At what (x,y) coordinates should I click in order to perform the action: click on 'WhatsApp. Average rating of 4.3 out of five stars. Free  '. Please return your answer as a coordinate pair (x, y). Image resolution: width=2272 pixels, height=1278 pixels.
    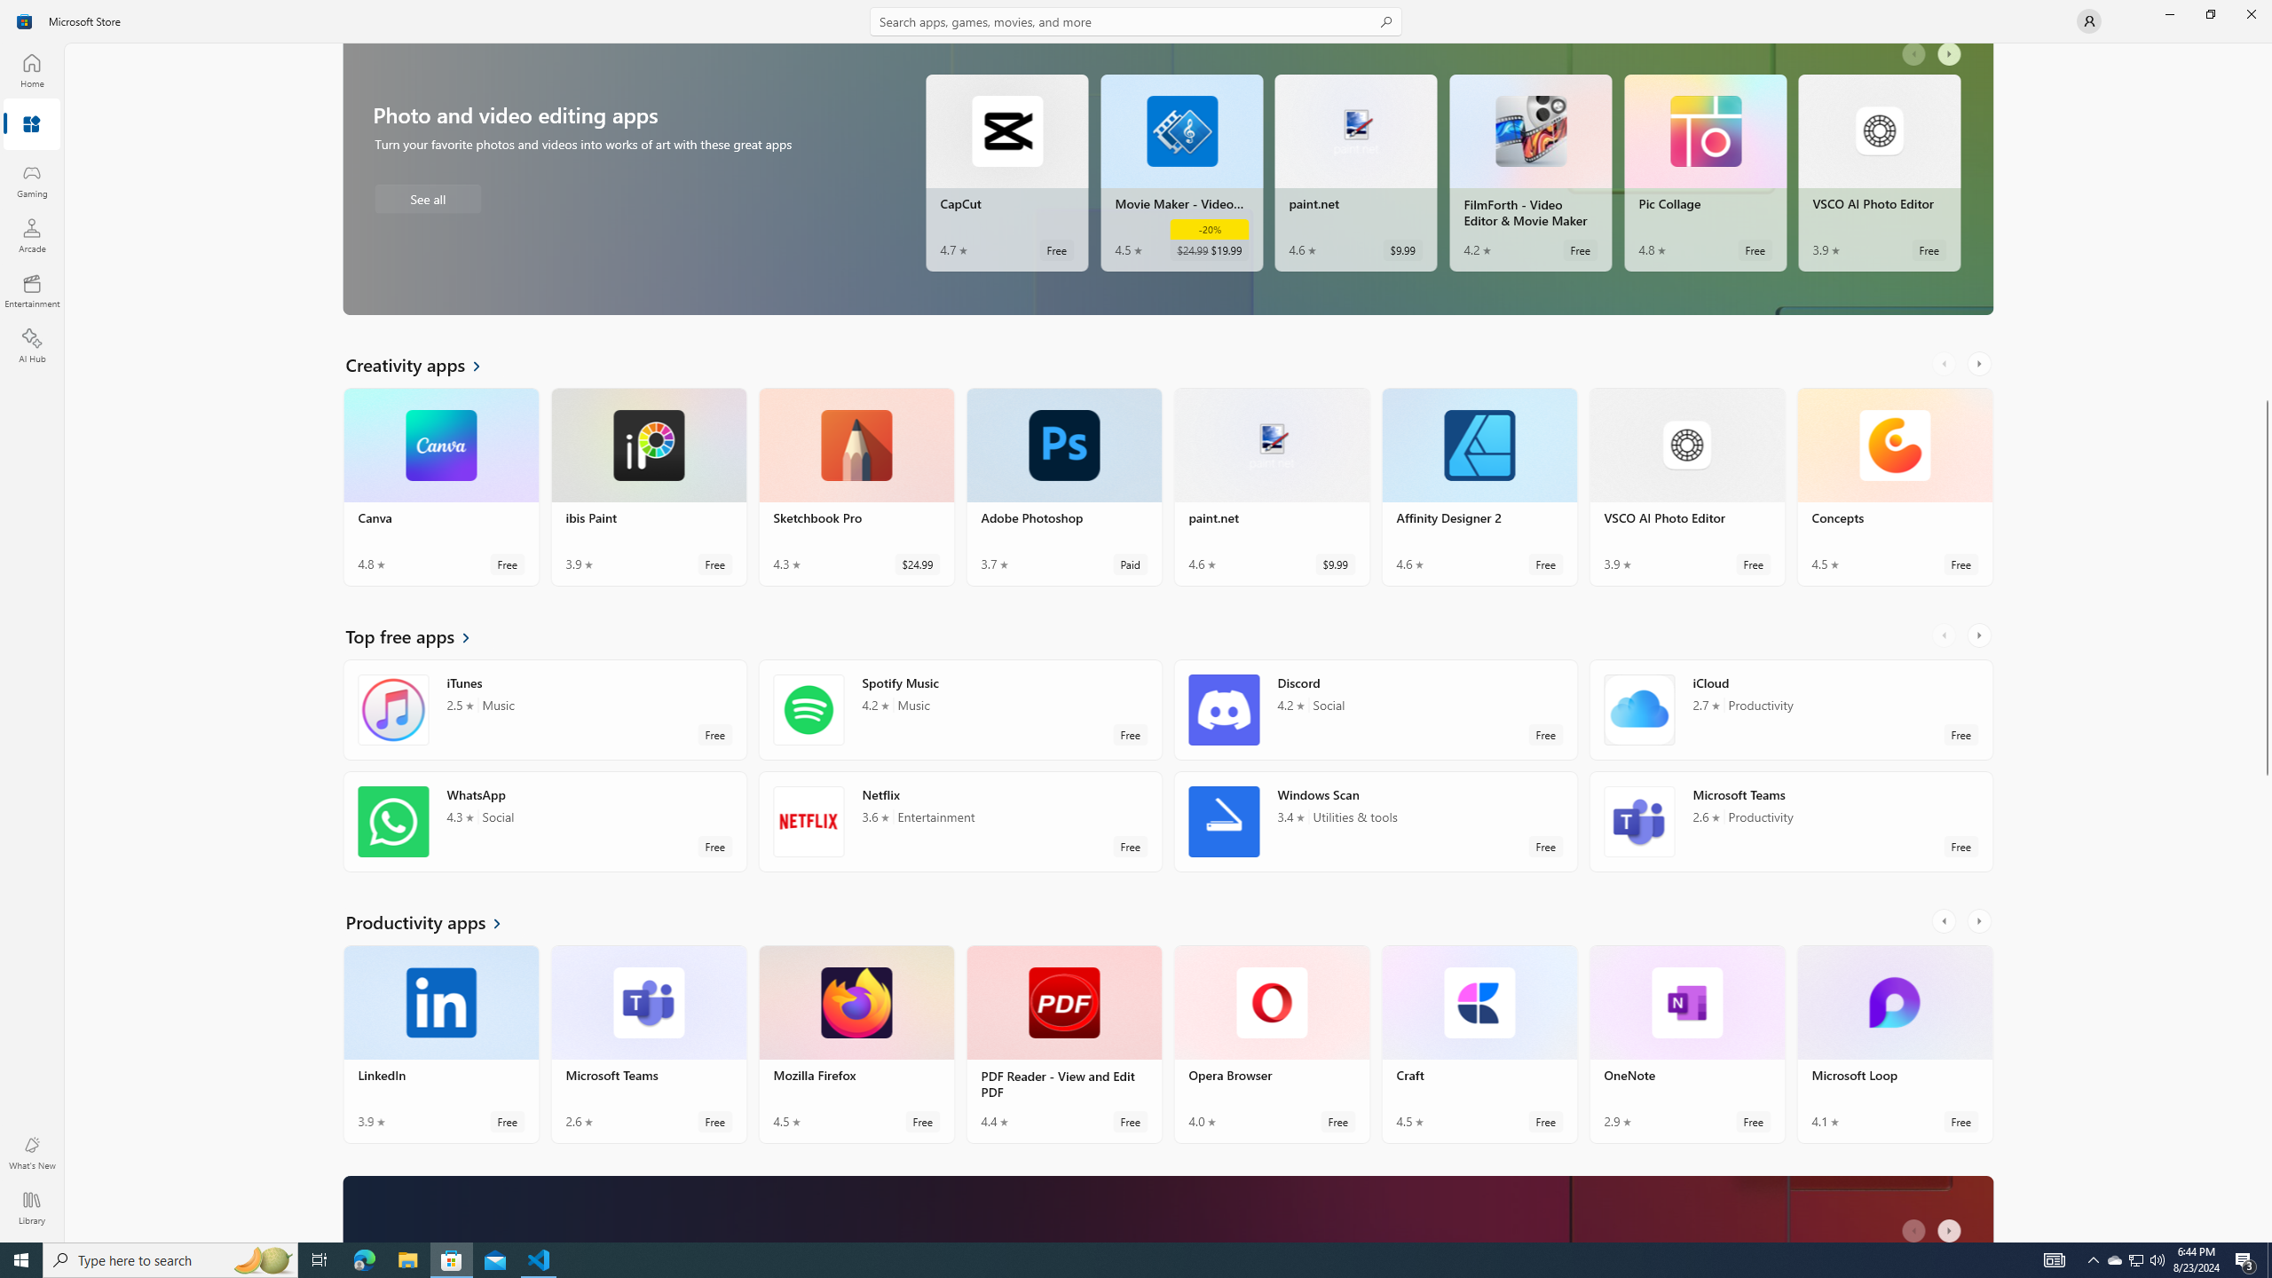
    Looking at the image, I should click on (544, 820).